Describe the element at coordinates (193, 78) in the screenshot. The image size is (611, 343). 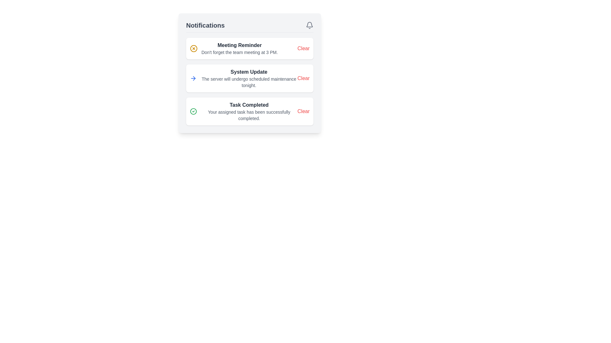
I see `the blue right-pointing arrow icon in the 'System Update' notification row, which is located beside the 'System Update' text` at that location.